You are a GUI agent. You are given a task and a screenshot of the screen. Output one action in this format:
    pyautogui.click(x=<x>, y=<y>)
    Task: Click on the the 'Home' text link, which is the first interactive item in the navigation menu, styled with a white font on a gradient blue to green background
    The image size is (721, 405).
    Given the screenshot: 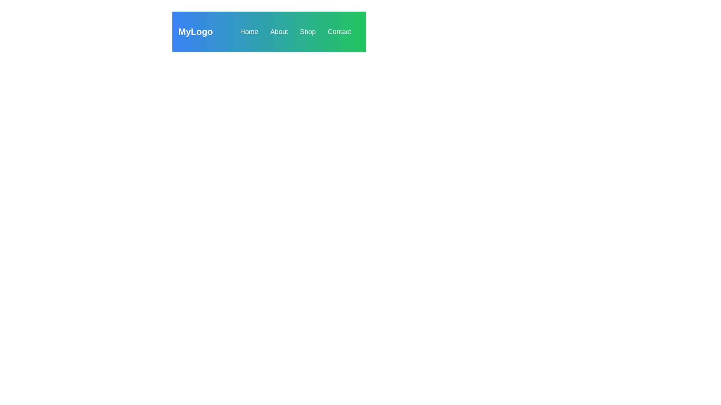 What is the action you would take?
    pyautogui.click(x=249, y=31)
    